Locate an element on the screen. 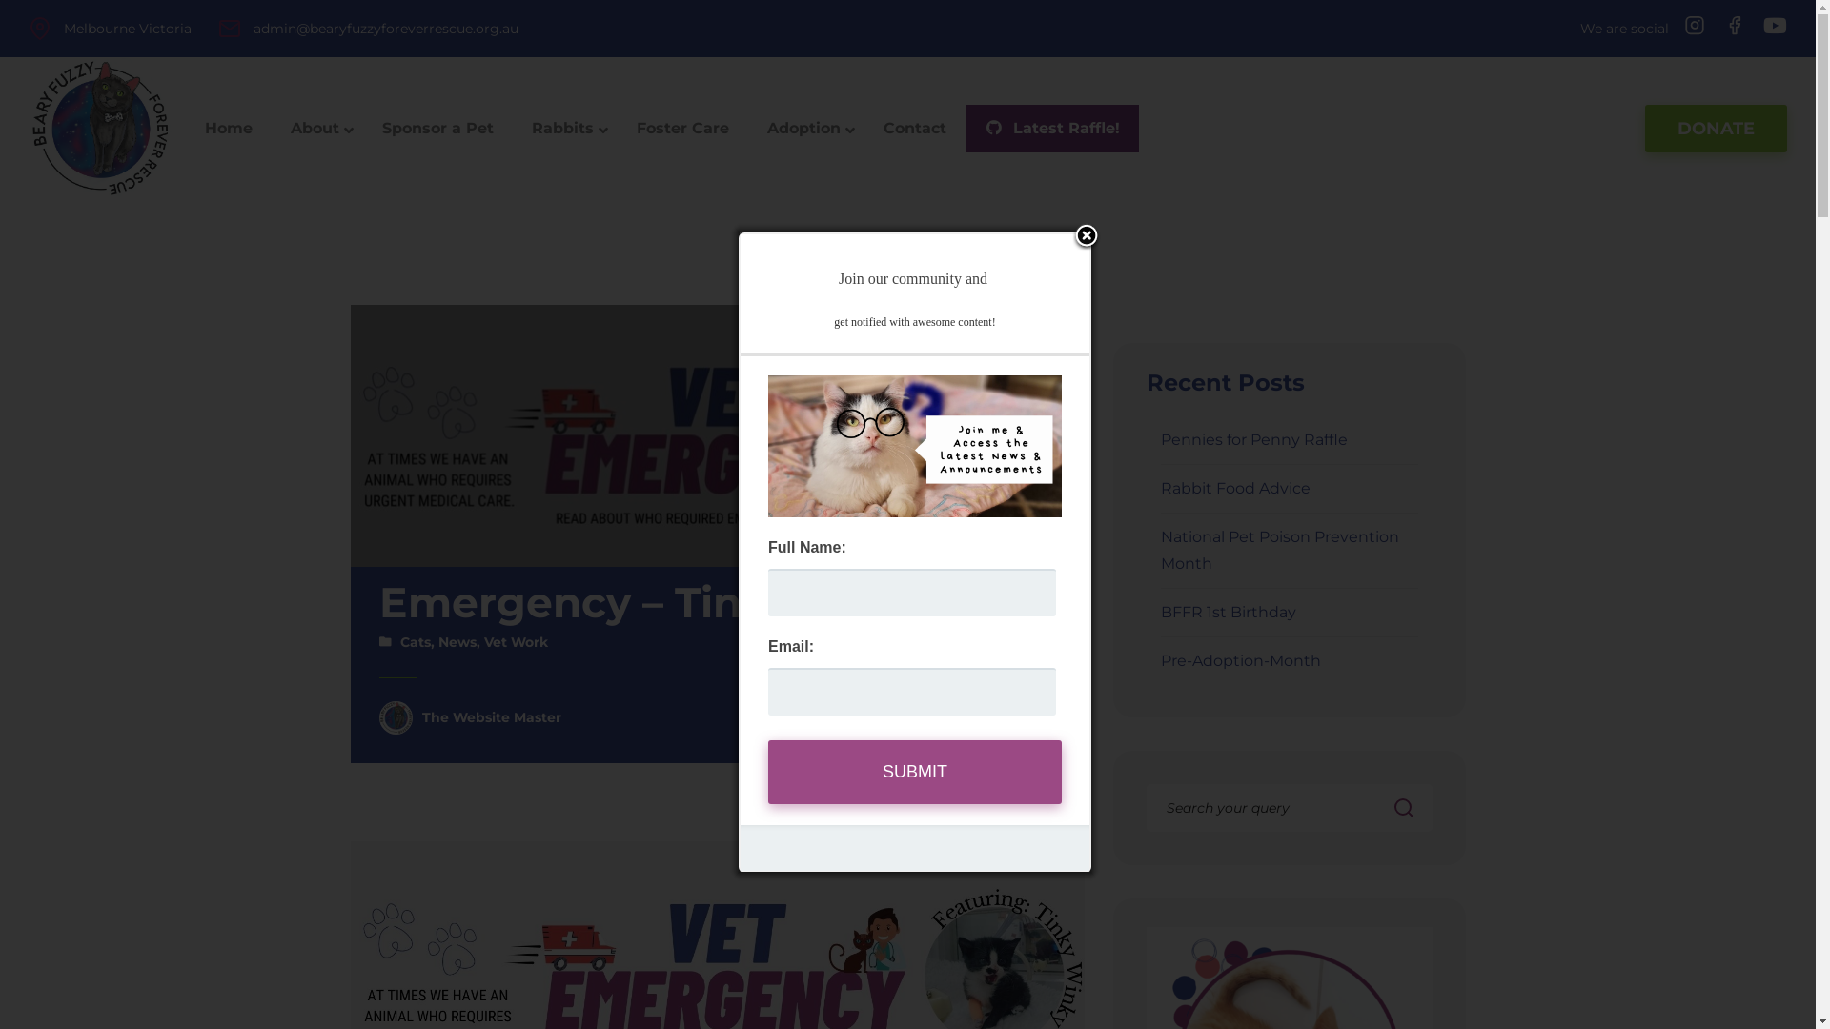  'Sponsor a Pet' is located at coordinates (437, 129).